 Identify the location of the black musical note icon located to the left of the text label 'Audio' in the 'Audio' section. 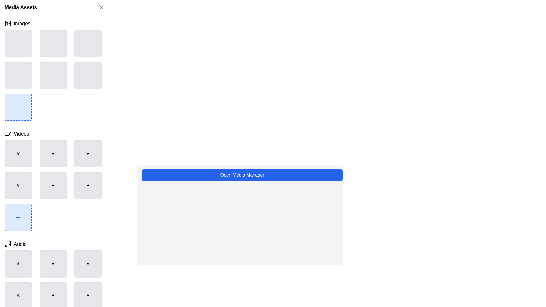
(8, 244).